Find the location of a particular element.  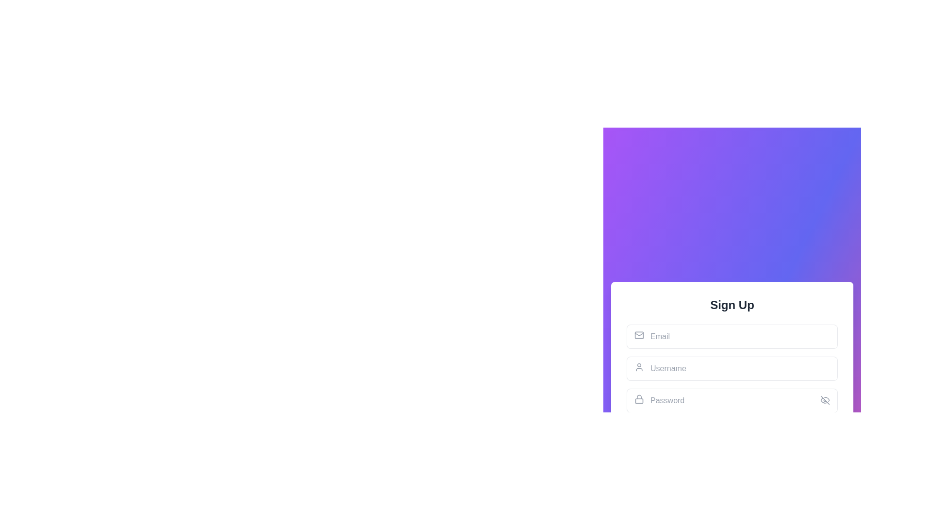

the 'Username' text input field by tabbing through the form's input fields is located at coordinates (732, 368).